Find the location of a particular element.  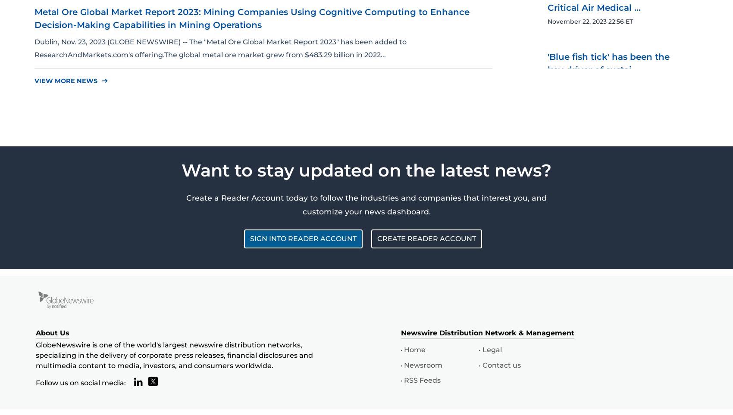

'CREATE READER ACCOUNT' is located at coordinates (426, 238).